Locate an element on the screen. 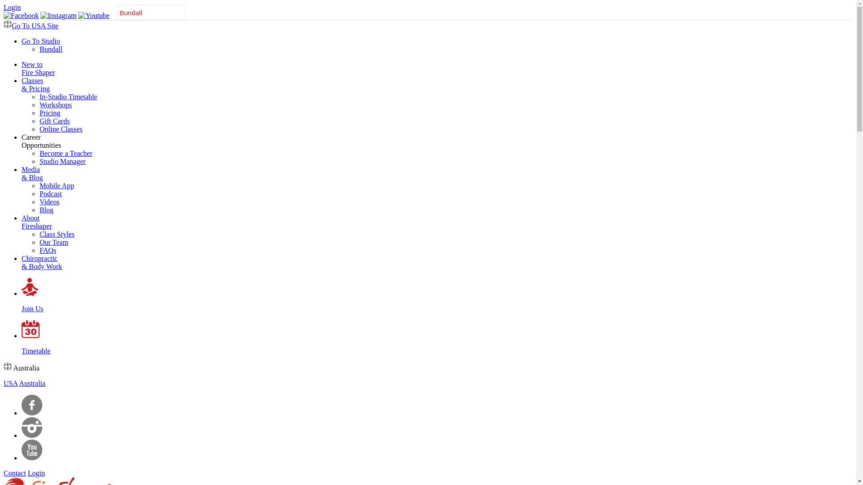 The height and width of the screenshot is (485, 863). 'Go To Studio' is located at coordinates (22, 41).